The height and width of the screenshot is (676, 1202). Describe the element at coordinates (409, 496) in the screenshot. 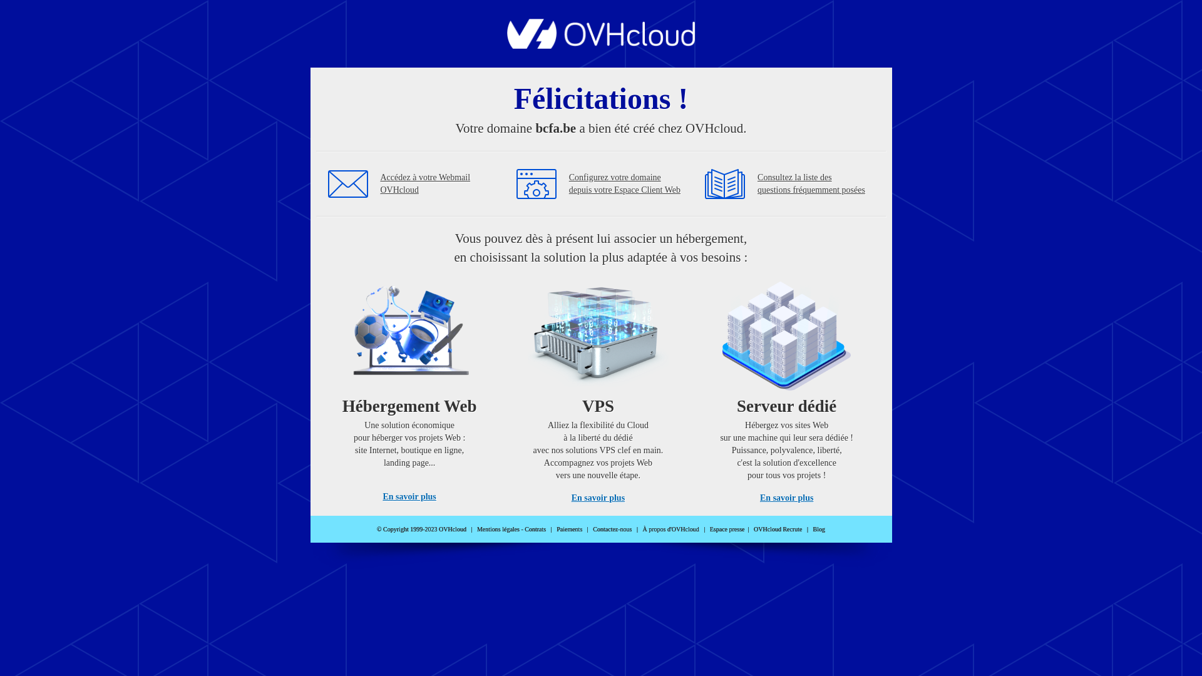

I see `'En savoir plus'` at that location.